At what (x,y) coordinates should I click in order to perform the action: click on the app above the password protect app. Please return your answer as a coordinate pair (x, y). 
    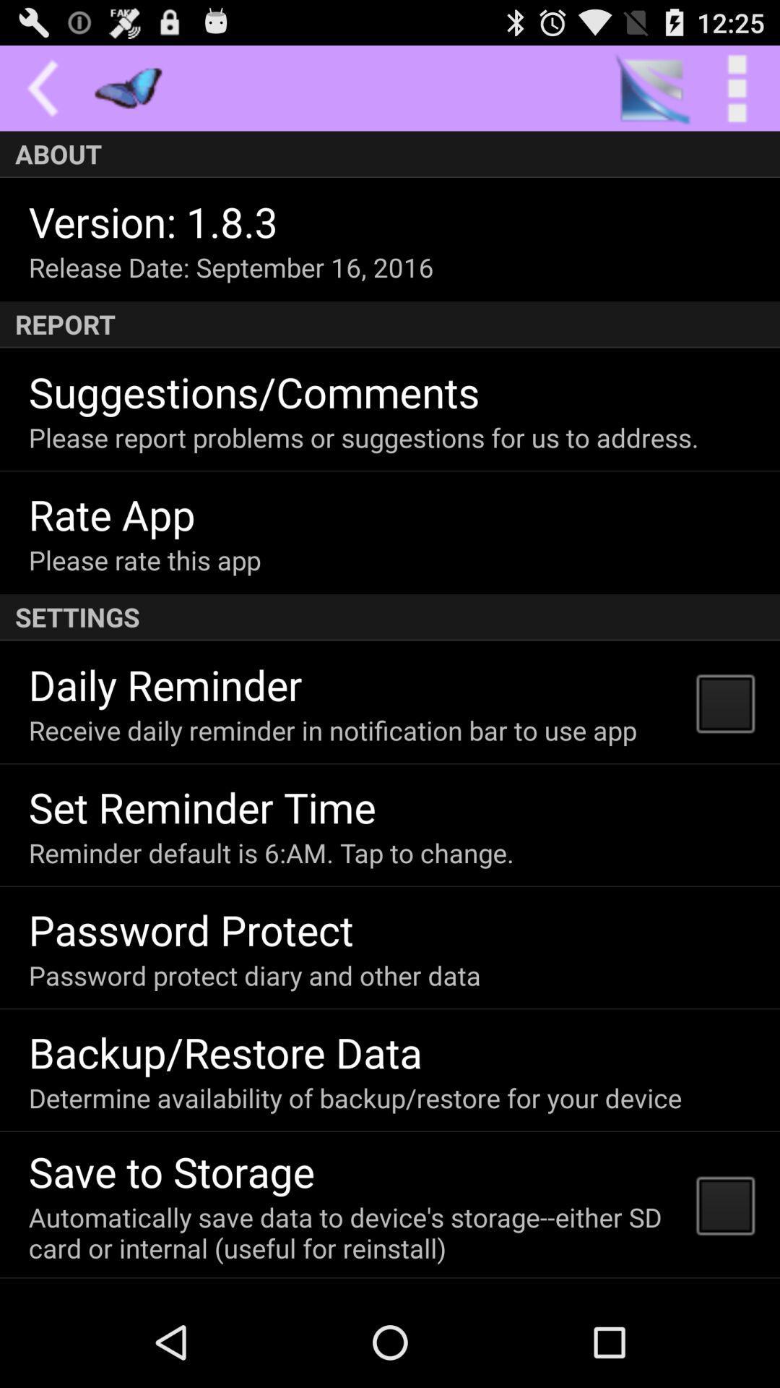
    Looking at the image, I should click on (271, 852).